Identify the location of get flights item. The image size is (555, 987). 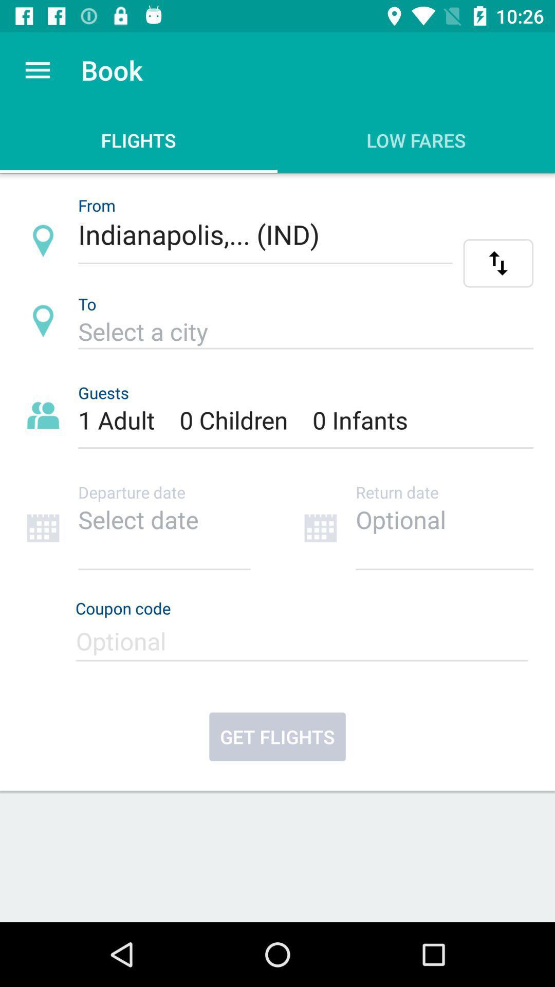
(277, 736).